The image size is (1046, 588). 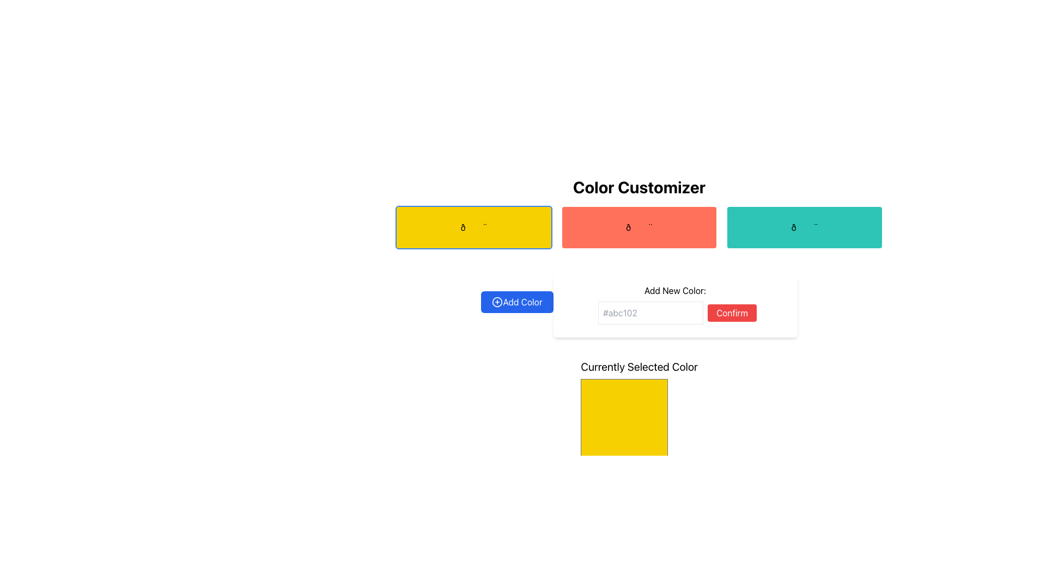 I want to click on the left-most color selection box in the Color Customizer tool, which serves as a visual indicator of the color option, so click(x=473, y=226).